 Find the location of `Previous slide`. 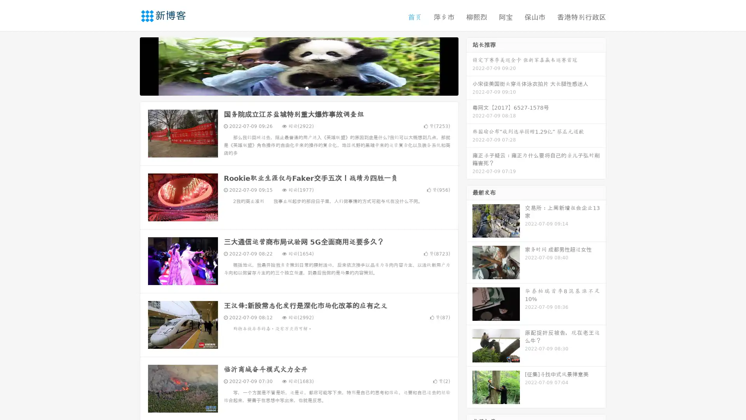

Previous slide is located at coordinates (128, 65).